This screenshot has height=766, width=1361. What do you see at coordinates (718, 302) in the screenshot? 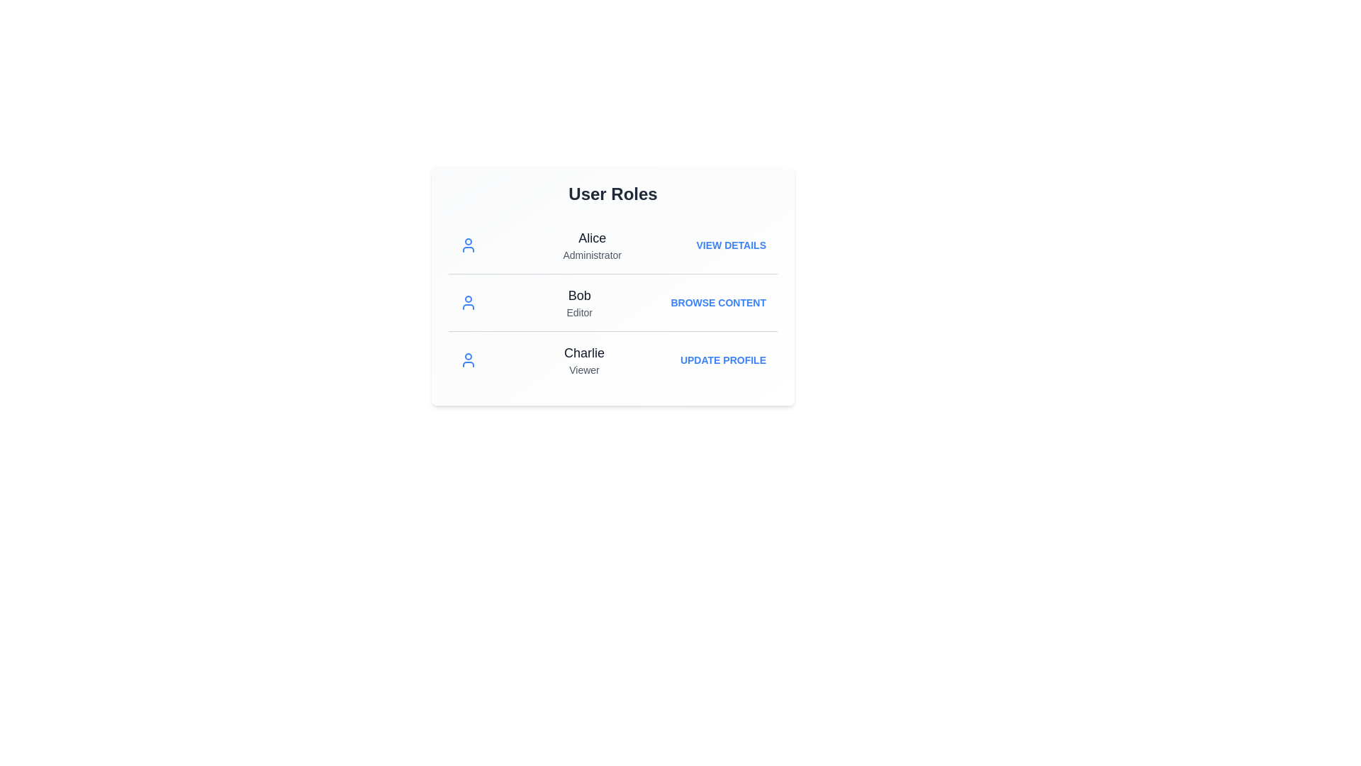
I see `the static text label located on the right side of the list item for 'Bob - Editor' in the 'User Roles' table, which is adjacent to the text 'Editor'` at bounding box center [718, 302].